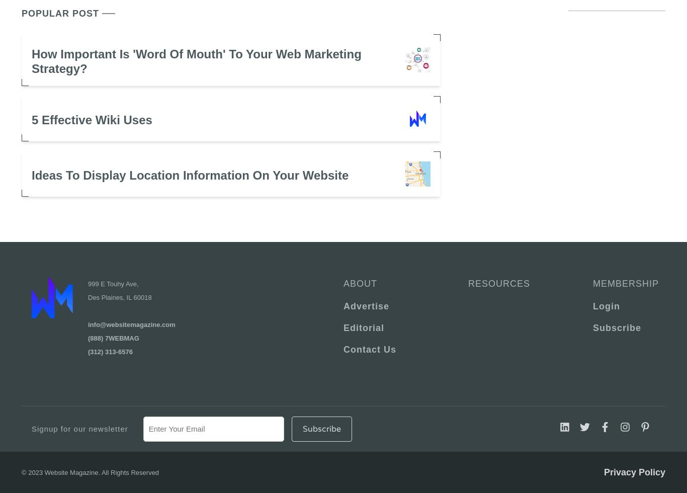 This screenshot has height=493, width=687. I want to click on '5 Effective Wiki Uses', so click(91, 119).